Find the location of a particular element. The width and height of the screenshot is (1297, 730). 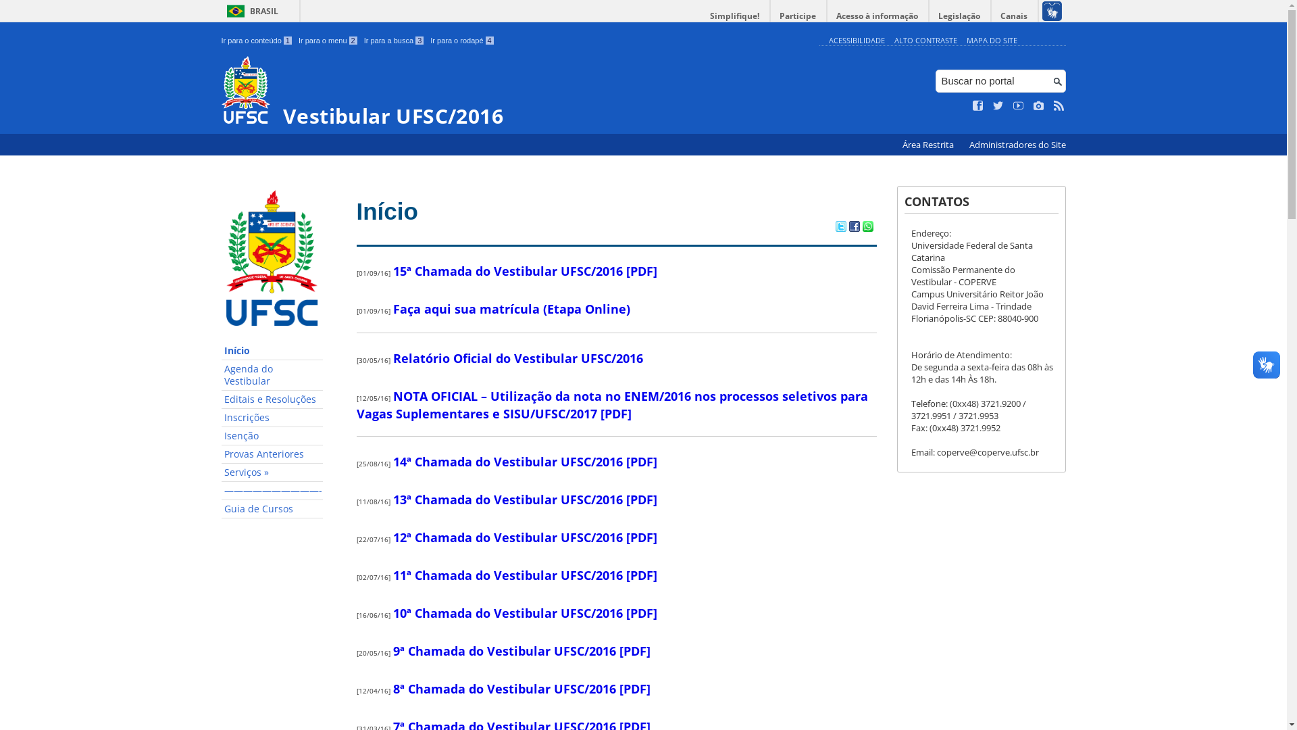

'Participe' is located at coordinates (797, 16).